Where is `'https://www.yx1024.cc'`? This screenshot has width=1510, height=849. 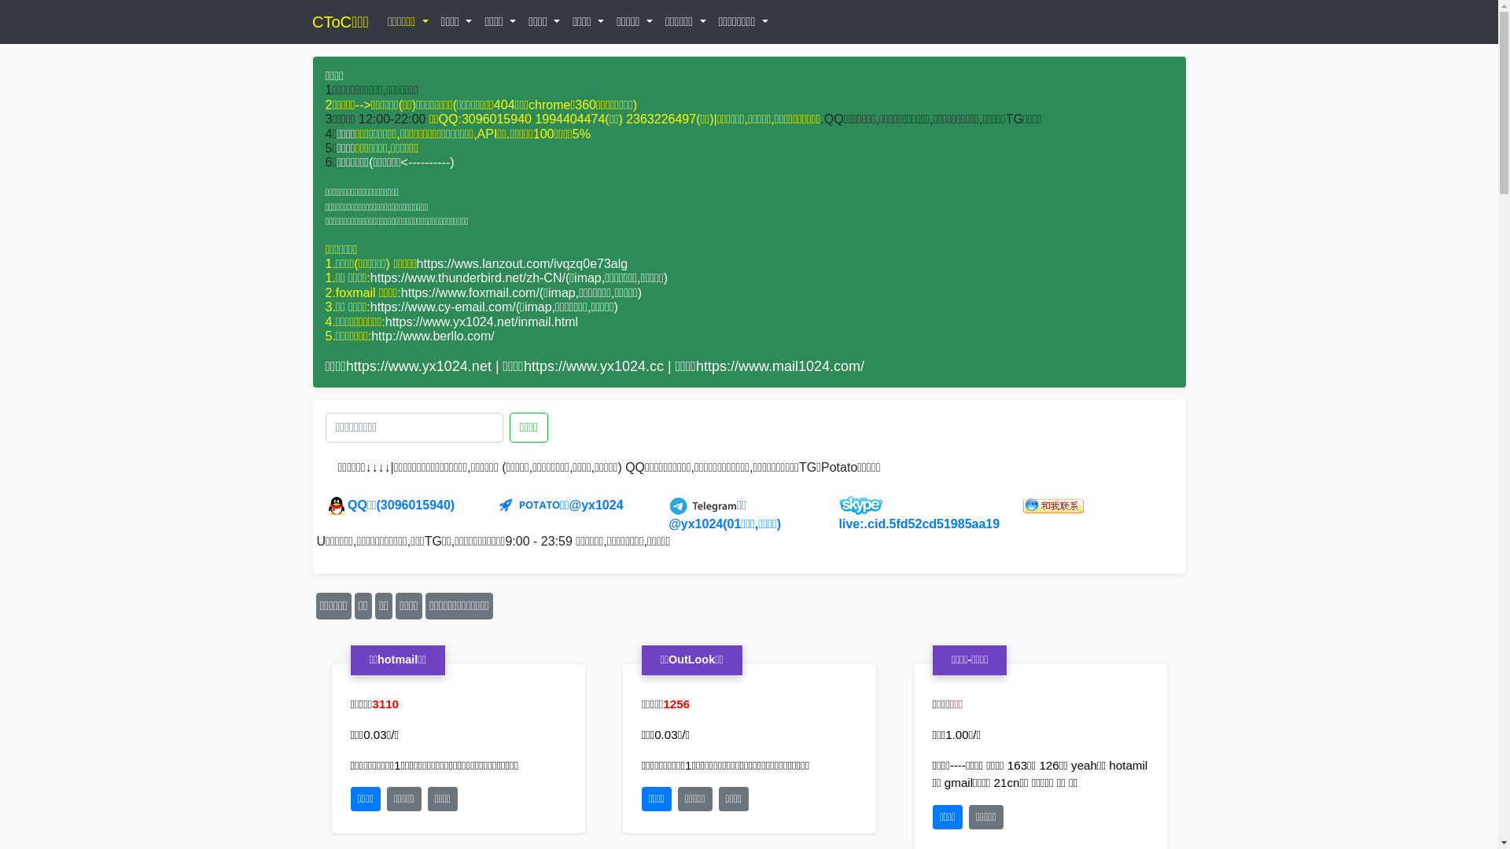 'https://www.yx1024.cc' is located at coordinates (524, 366).